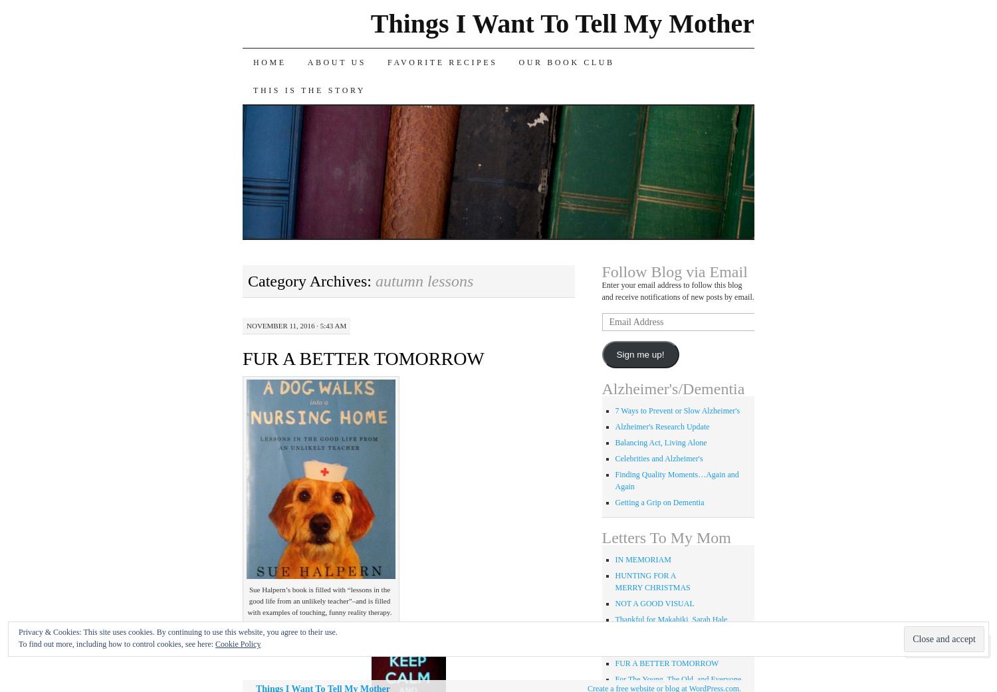 The width and height of the screenshot is (997, 692). Describe the element at coordinates (674, 271) in the screenshot. I see `'Follow Blog via Email'` at that location.